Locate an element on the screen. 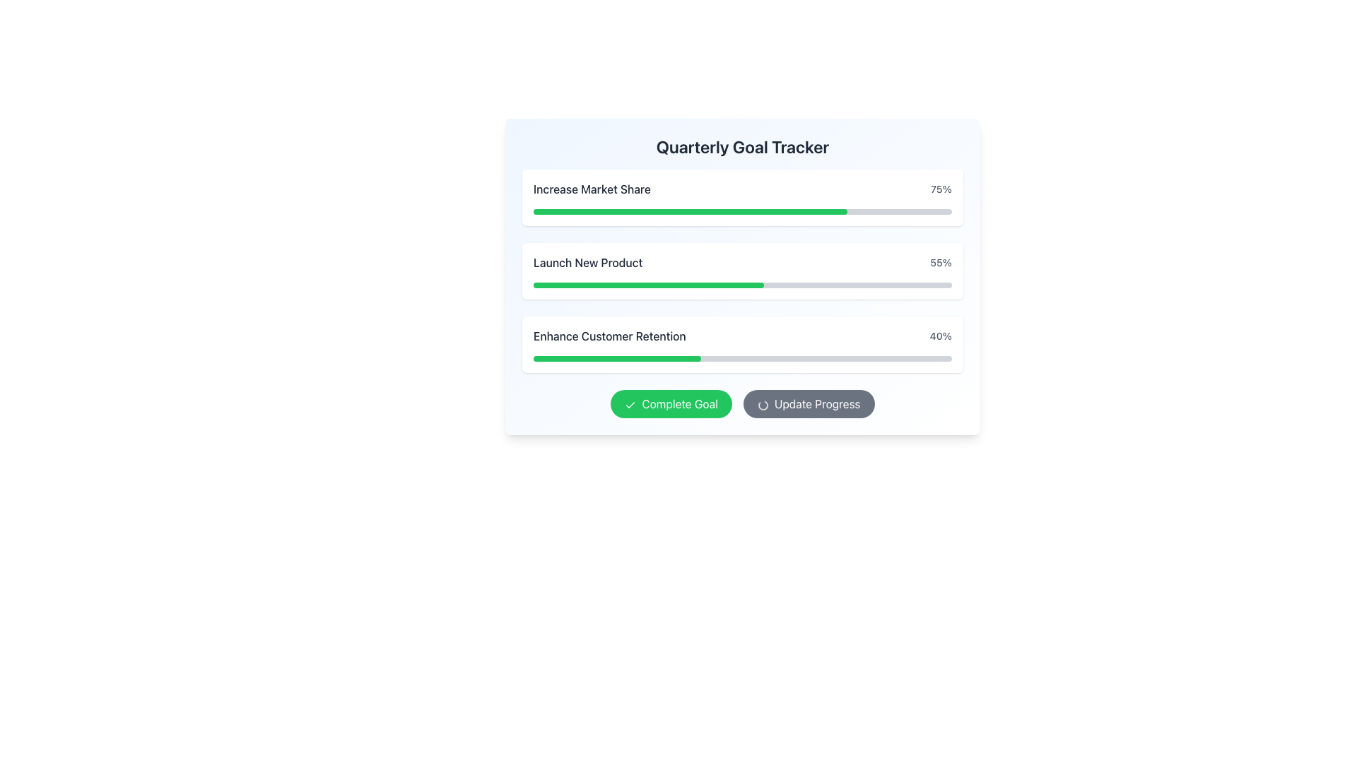  the progress bar that is located under the text 'Increase Market Share 75%', which has a gray background and a green filled portion is located at coordinates (742, 212).